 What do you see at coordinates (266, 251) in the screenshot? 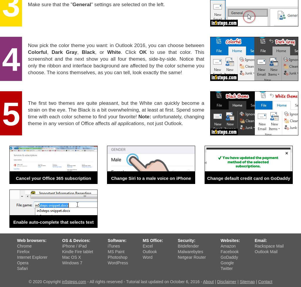
I see `'Outlook Mail'` at bounding box center [266, 251].